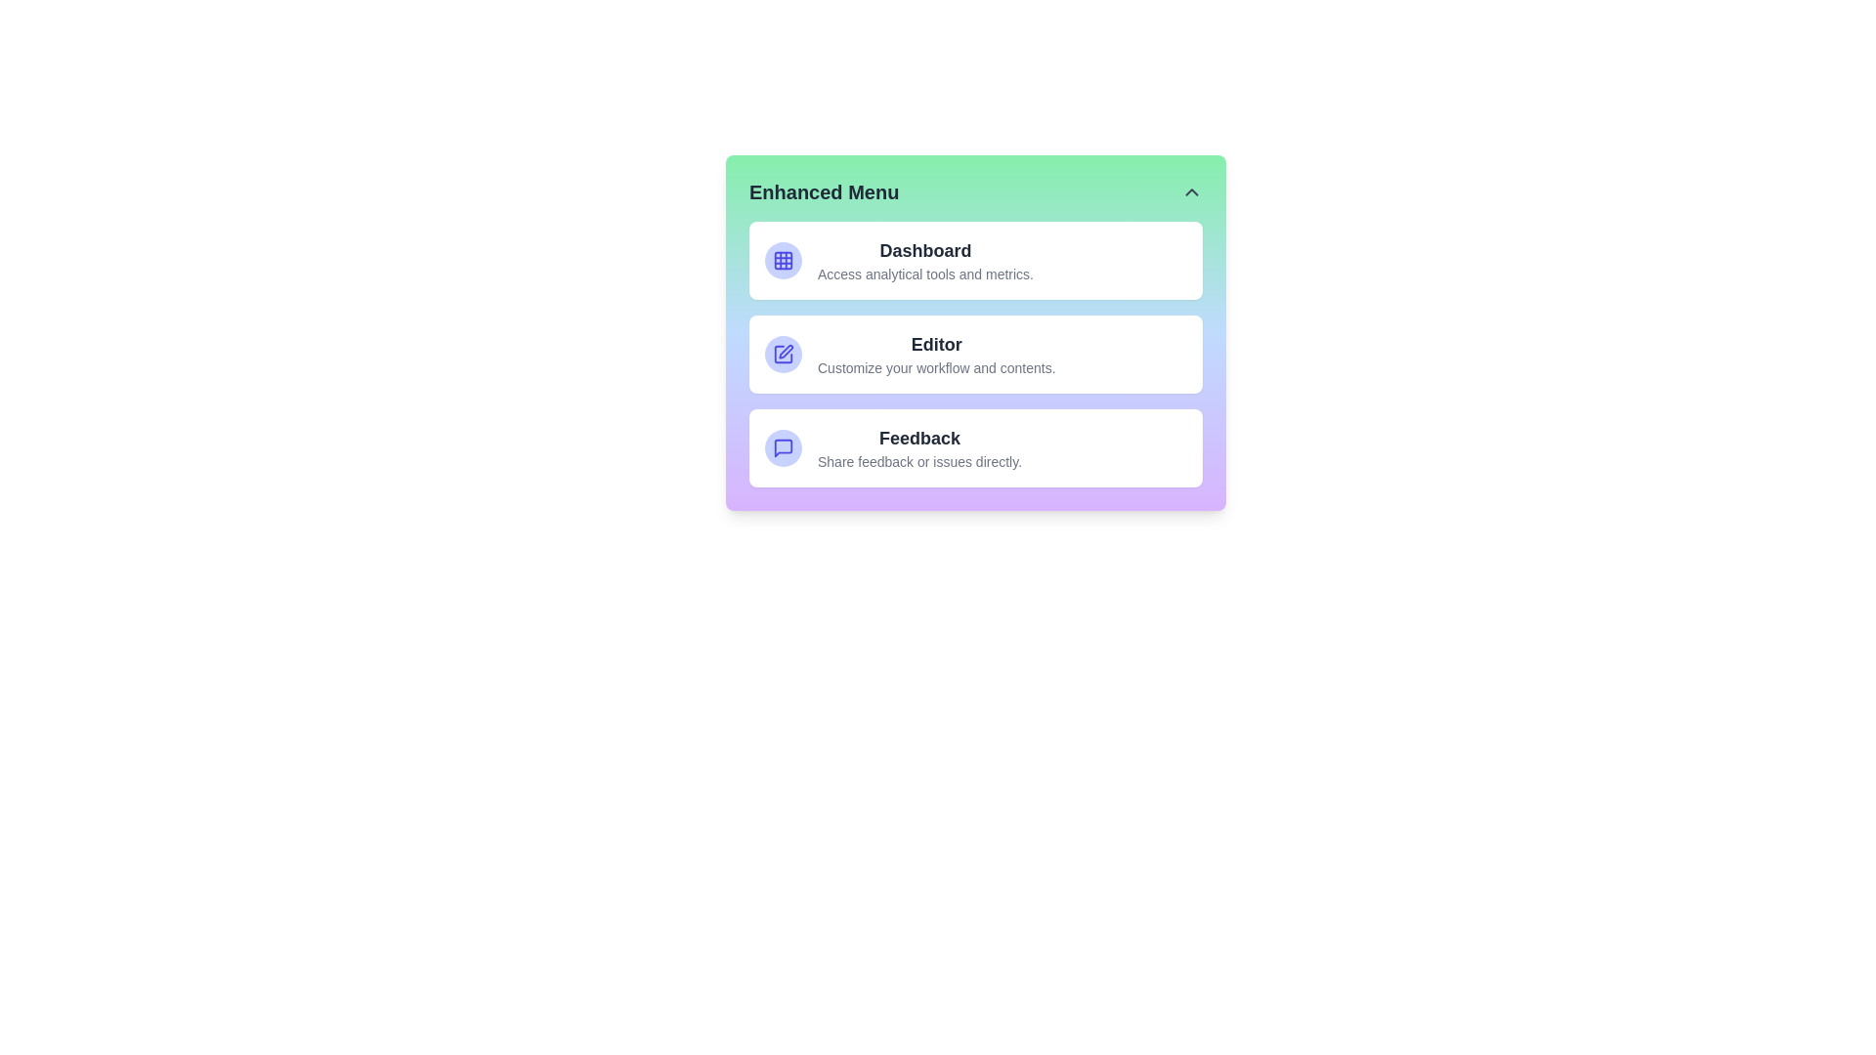  Describe the element at coordinates (924, 250) in the screenshot. I see `the 'Dashboard' item in the menu to view its details or navigate` at that location.